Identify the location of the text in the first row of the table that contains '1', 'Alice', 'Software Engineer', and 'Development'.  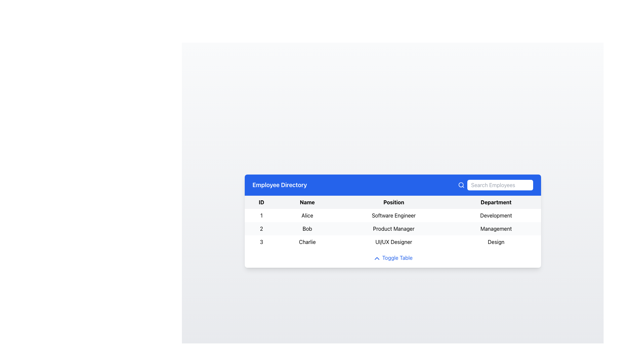
(393, 216).